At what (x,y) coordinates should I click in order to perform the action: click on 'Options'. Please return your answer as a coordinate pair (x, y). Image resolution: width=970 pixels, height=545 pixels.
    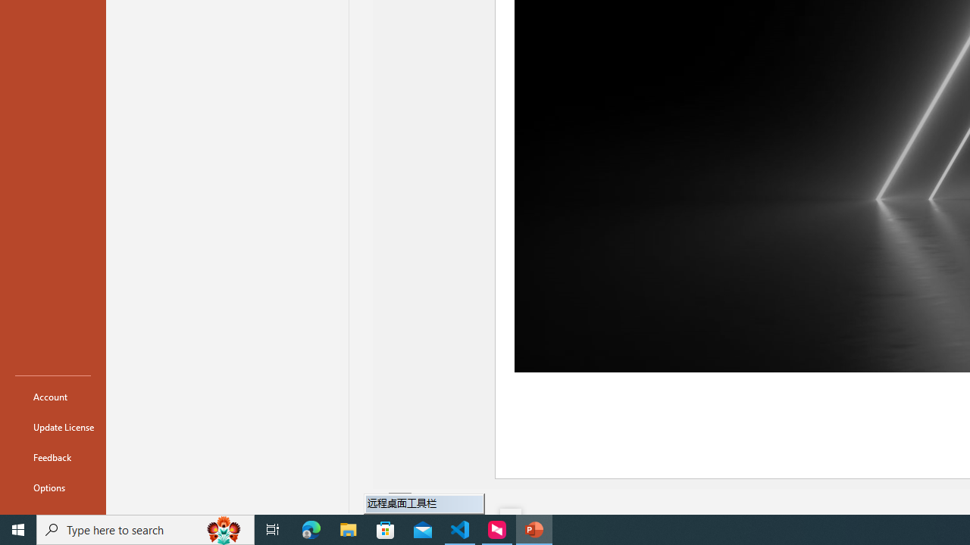
    Looking at the image, I should click on (52, 487).